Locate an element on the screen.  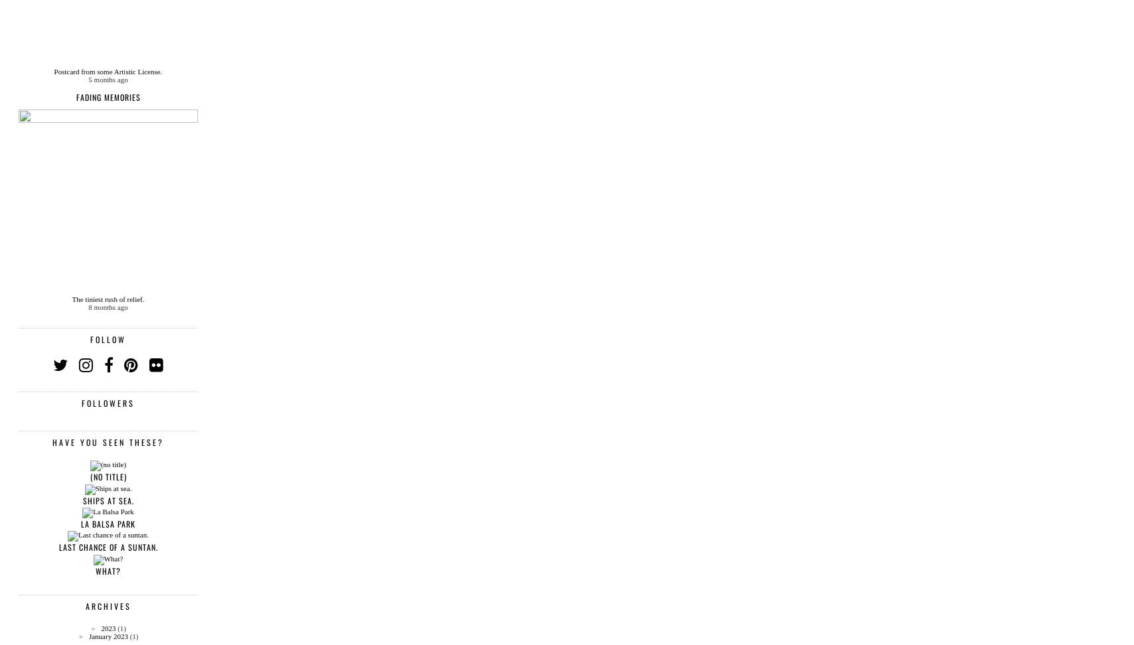
'La Balsa Park' is located at coordinates (108, 523).